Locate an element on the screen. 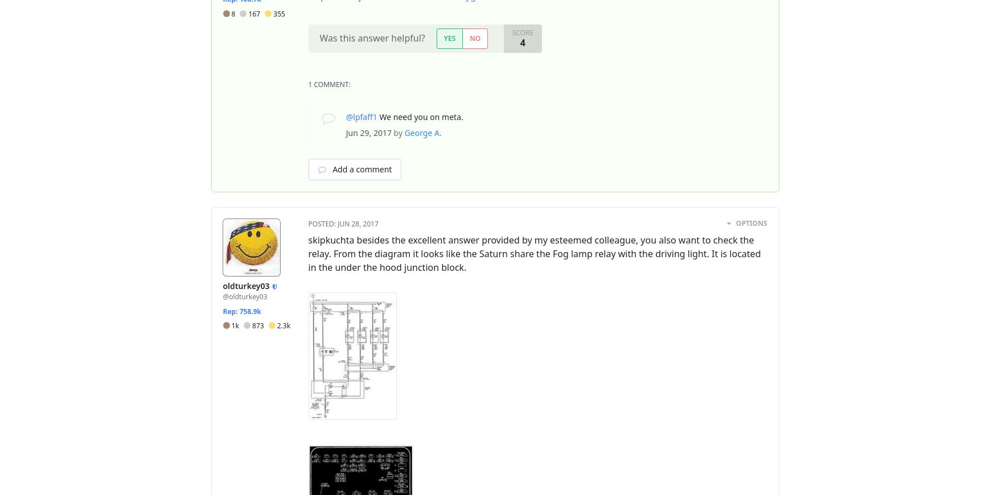 The image size is (990, 495). '1 Comment:' is located at coordinates (329, 84).